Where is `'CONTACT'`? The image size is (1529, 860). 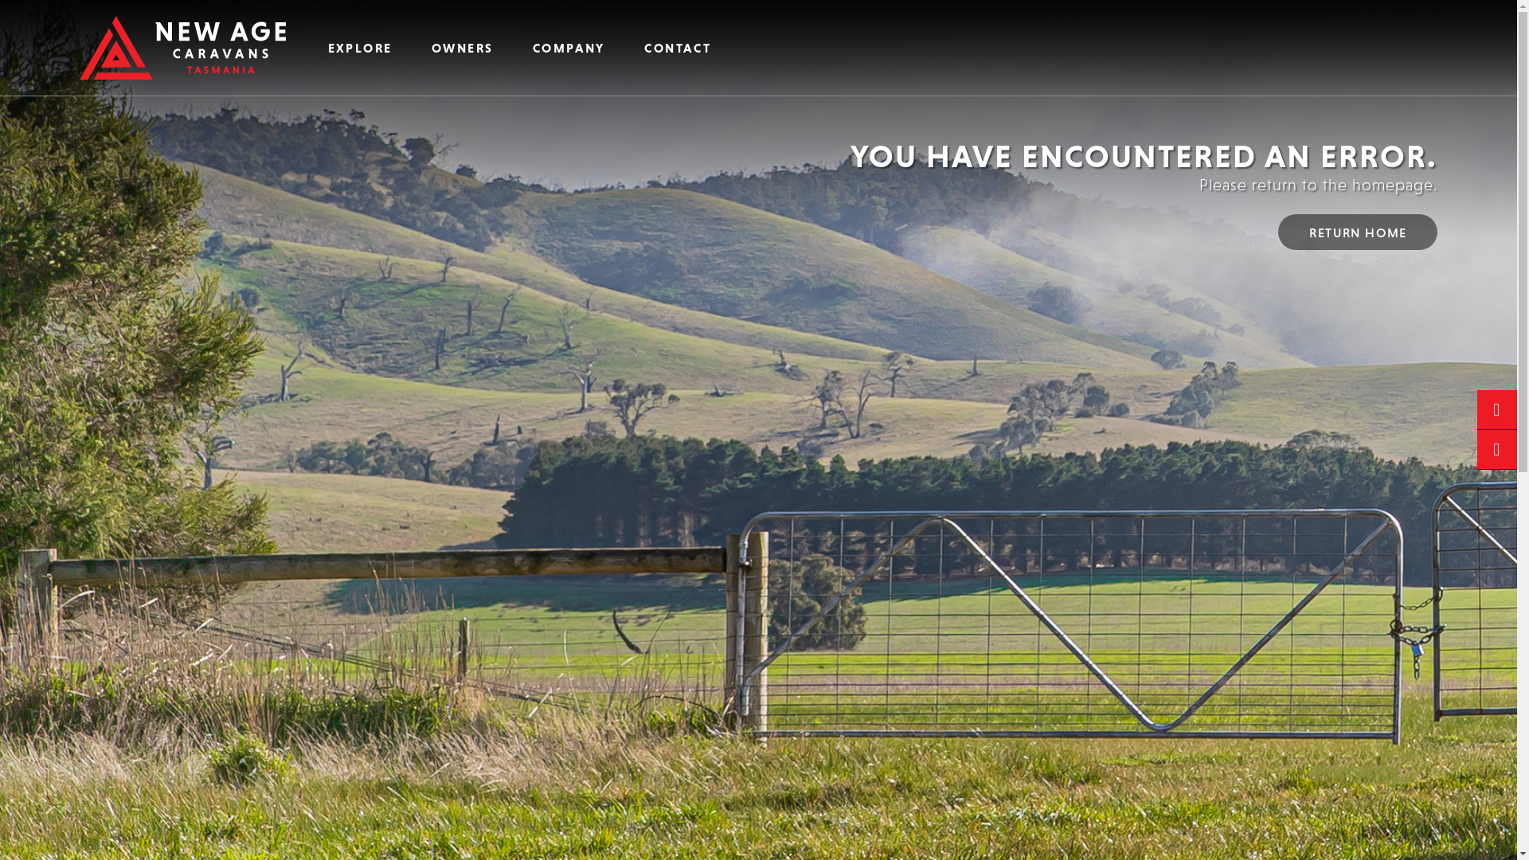
'CONTACT' is located at coordinates (678, 47).